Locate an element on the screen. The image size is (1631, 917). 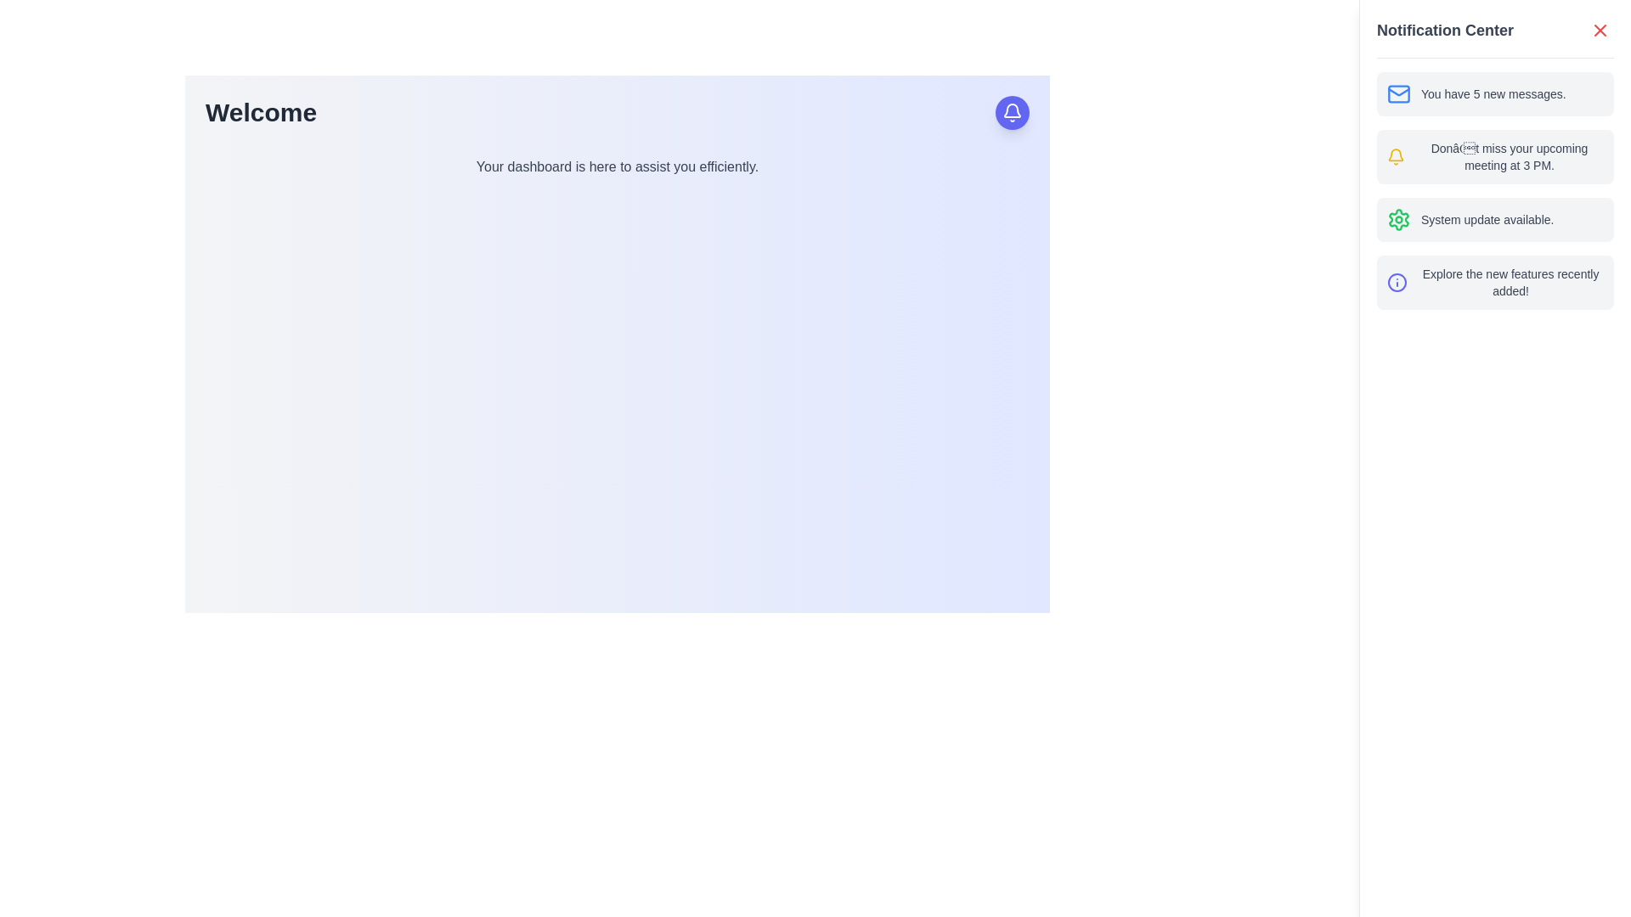
the close button located in the top-right corner of the Notification Center is located at coordinates (1599, 30).